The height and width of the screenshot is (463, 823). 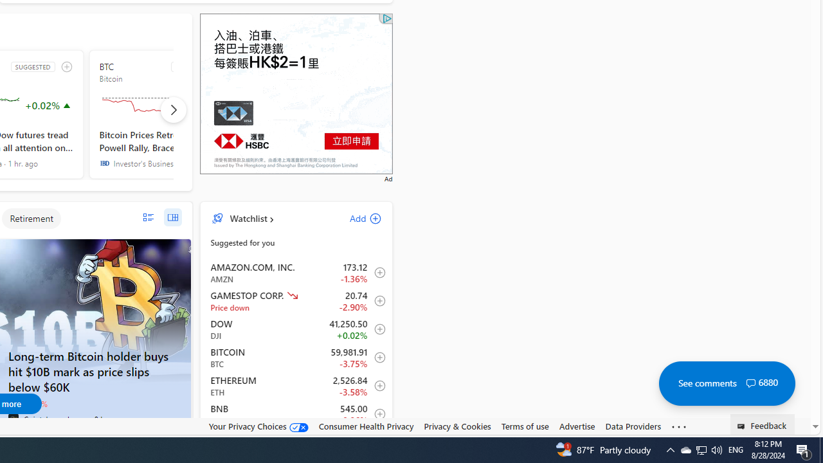 What do you see at coordinates (678, 426) in the screenshot?
I see `'Class: oneFooter_seeMore-DS-EntryPoint1-1'` at bounding box center [678, 426].